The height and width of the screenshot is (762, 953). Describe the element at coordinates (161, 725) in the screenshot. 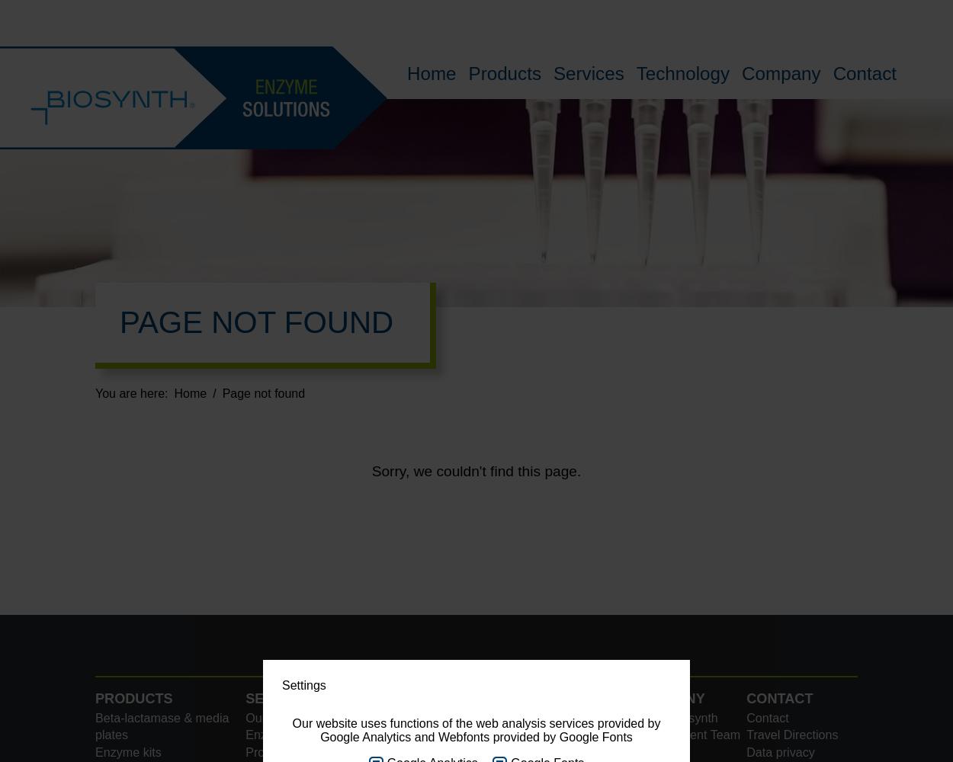

I see `'Beta-lactamase & media plates'` at that location.